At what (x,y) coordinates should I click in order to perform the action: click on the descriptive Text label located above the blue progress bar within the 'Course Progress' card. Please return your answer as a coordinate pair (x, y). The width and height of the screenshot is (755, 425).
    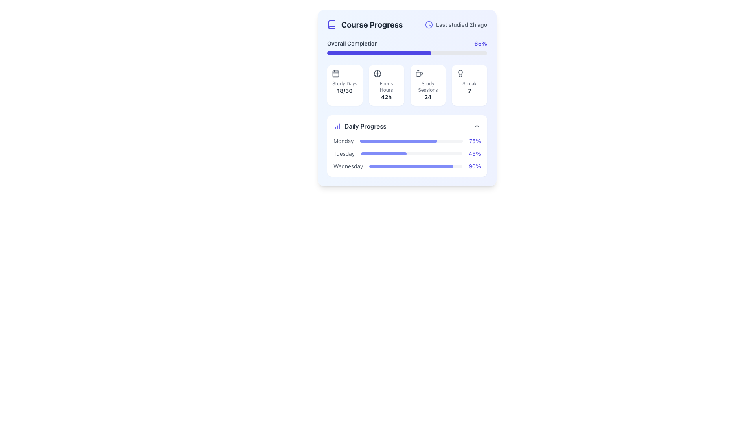
    Looking at the image, I should click on (352, 44).